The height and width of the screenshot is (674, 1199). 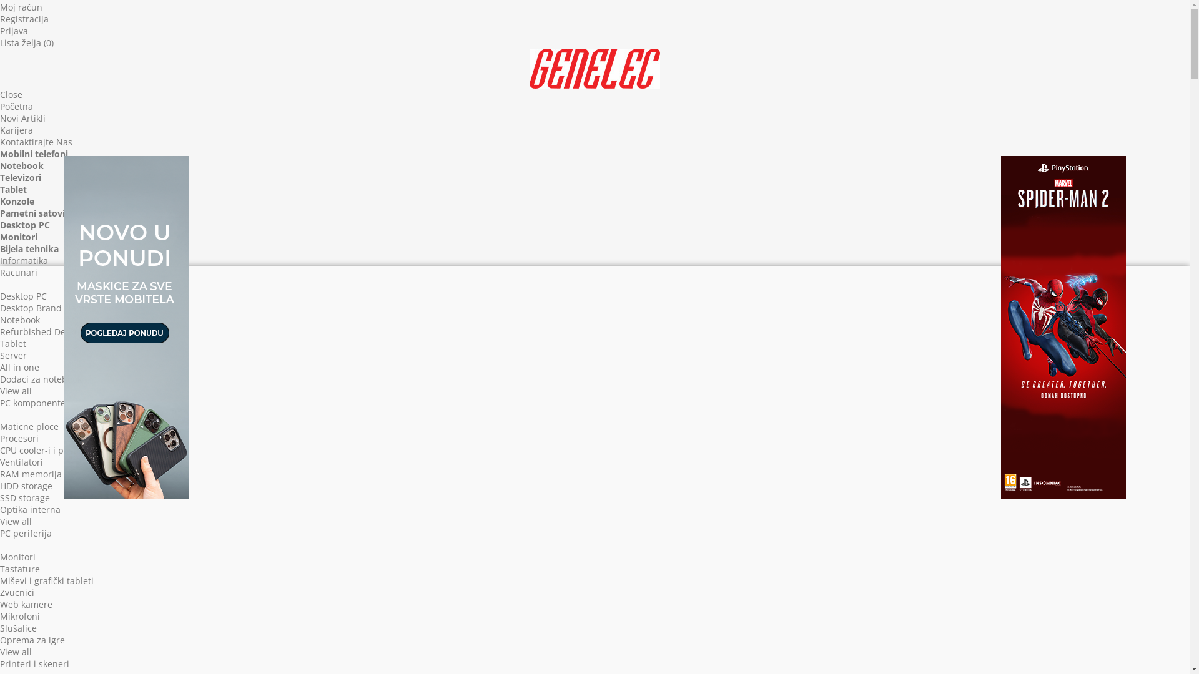 What do you see at coordinates (19, 366) in the screenshot?
I see `'All in one'` at bounding box center [19, 366].